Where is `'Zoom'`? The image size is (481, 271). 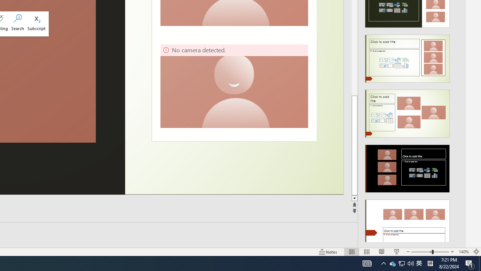
'Zoom' is located at coordinates (430, 252).